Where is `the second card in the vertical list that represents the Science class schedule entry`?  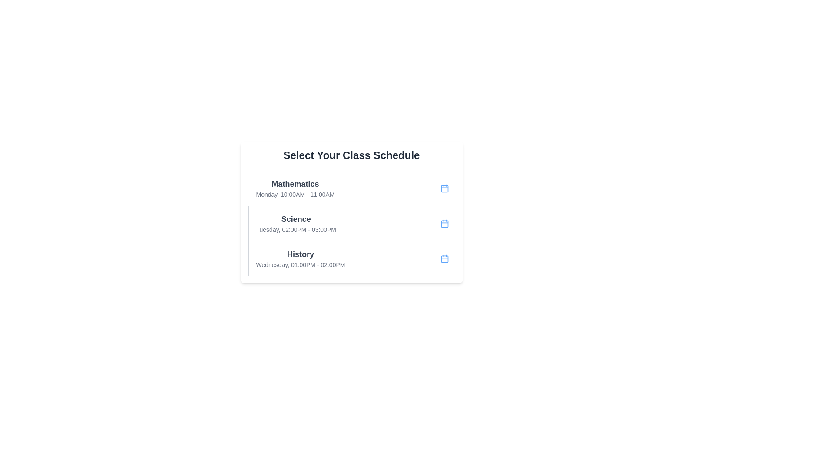
the second card in the vertical list that represents the Science class schedule entry is located at coordinates (351, 223).